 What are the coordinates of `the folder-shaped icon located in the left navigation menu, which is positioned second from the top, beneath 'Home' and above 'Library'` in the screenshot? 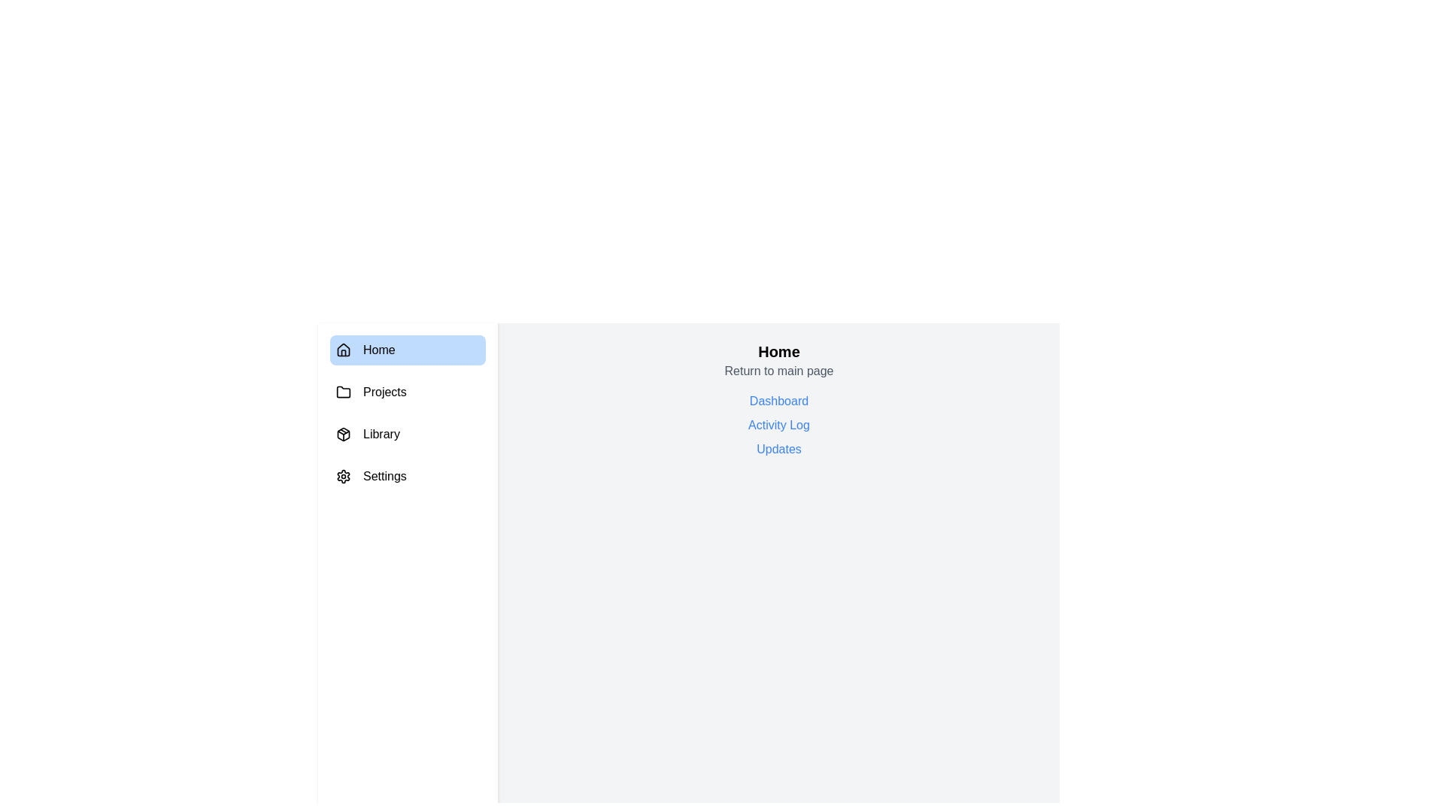 It's located at (342, 390).